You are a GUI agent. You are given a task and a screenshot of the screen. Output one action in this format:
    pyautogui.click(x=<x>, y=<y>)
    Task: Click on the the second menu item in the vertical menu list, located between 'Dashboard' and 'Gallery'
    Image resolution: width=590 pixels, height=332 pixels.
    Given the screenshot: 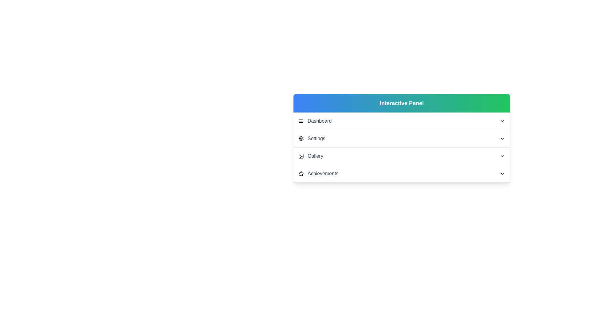 What is the action you would take?
    pyautogui.click(x=402, y=139)
    